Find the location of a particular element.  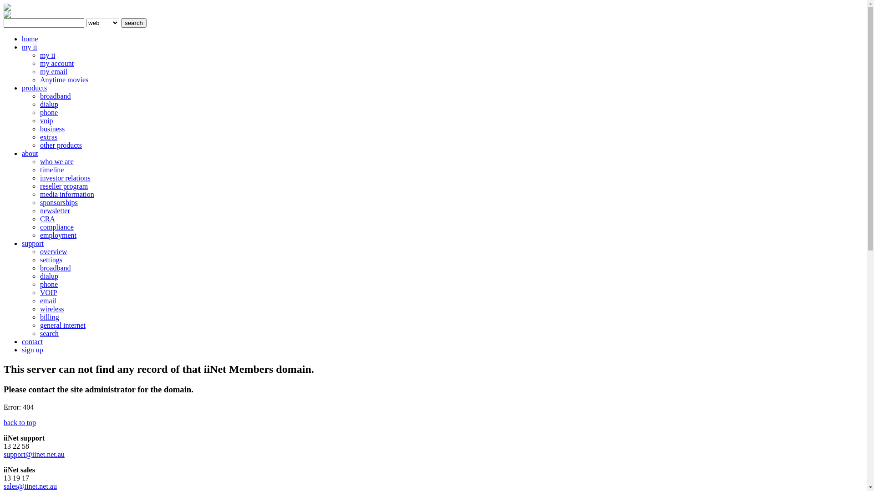

'newsletter' is located at coordinates (54, 210).